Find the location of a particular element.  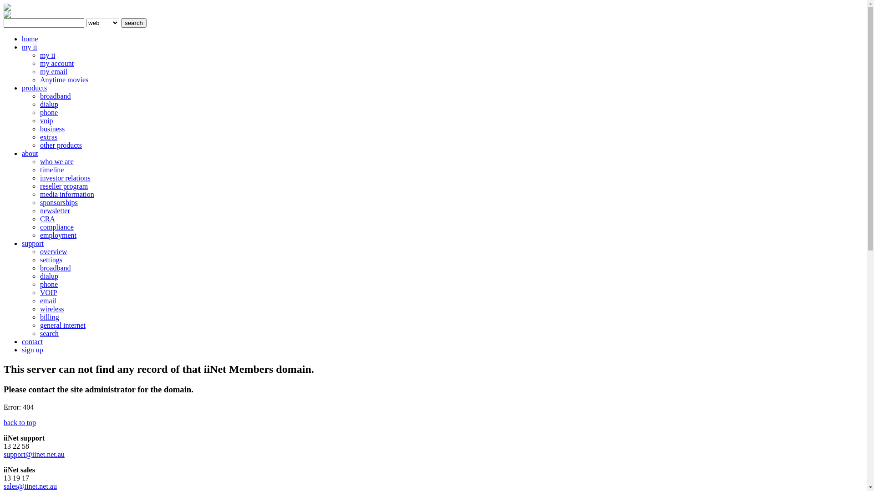

'newsletter' is located at coordinates (54, 210).